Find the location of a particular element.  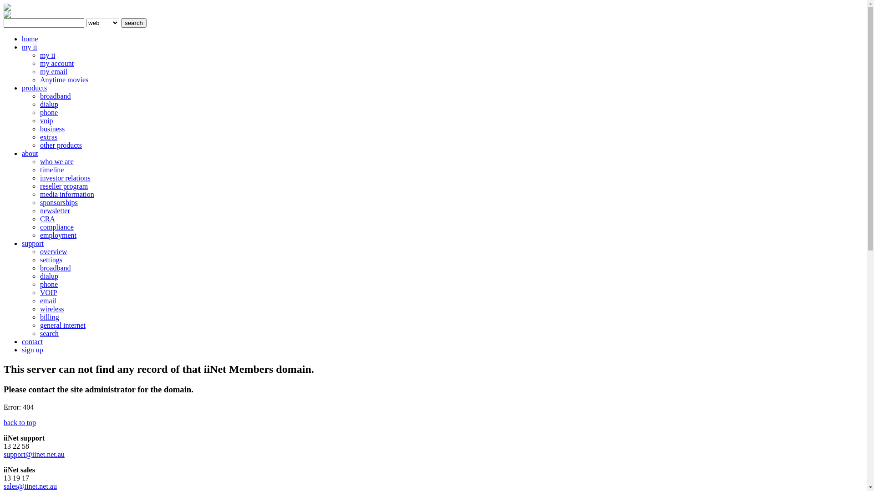

'newsletter' is located at coordinates (54, 210).